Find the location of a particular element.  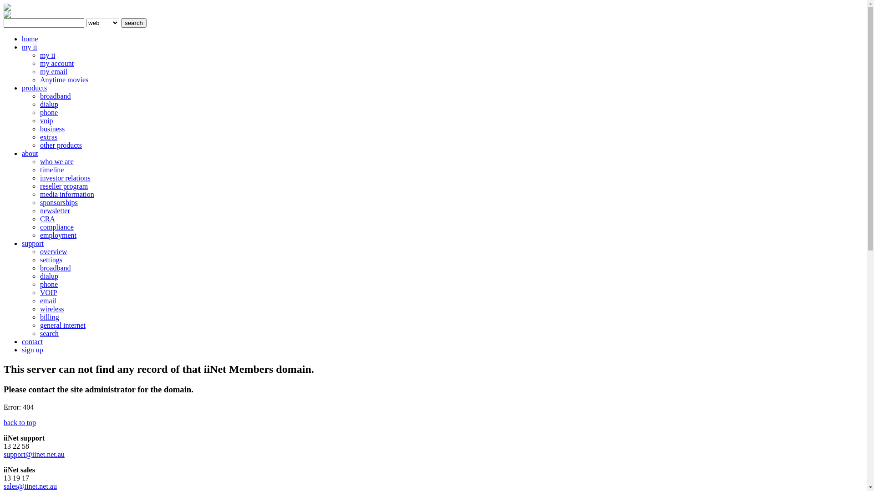

'newsletter' is located at coordinates (54, 210).